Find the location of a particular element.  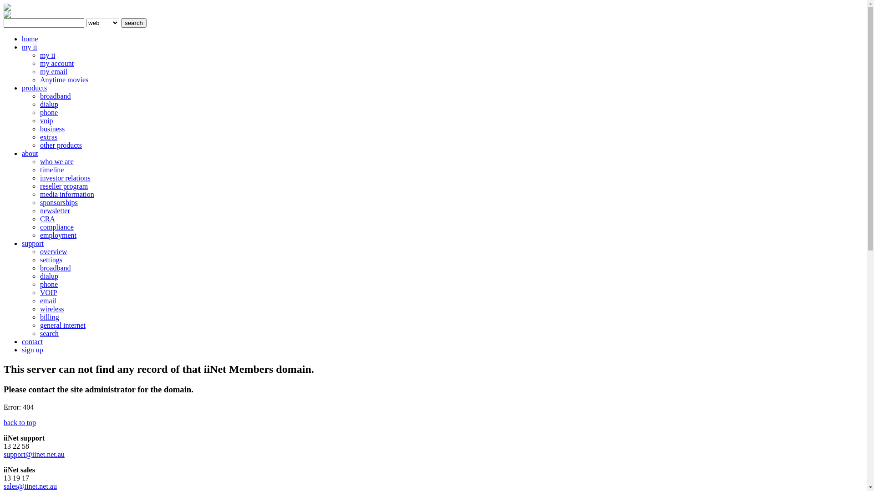

'newsletter' is located at coordinates (54, 210).